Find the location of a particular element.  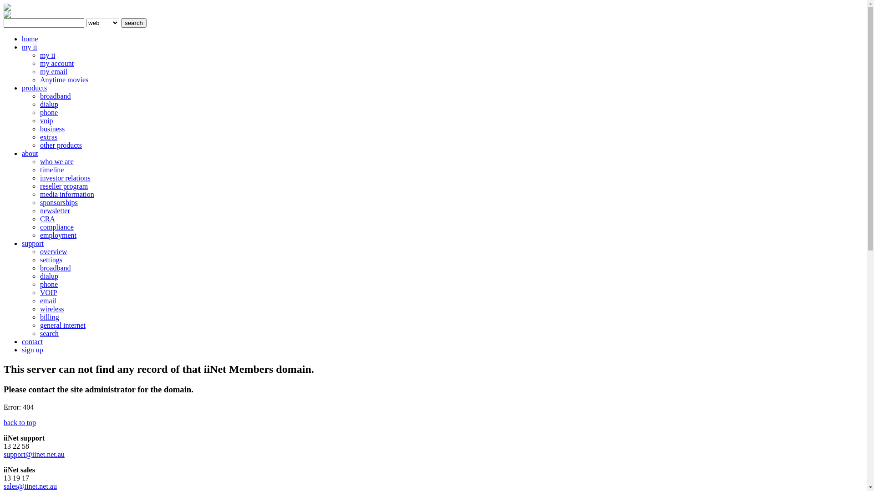

'newsletter' is located at coordinates (54, 210).